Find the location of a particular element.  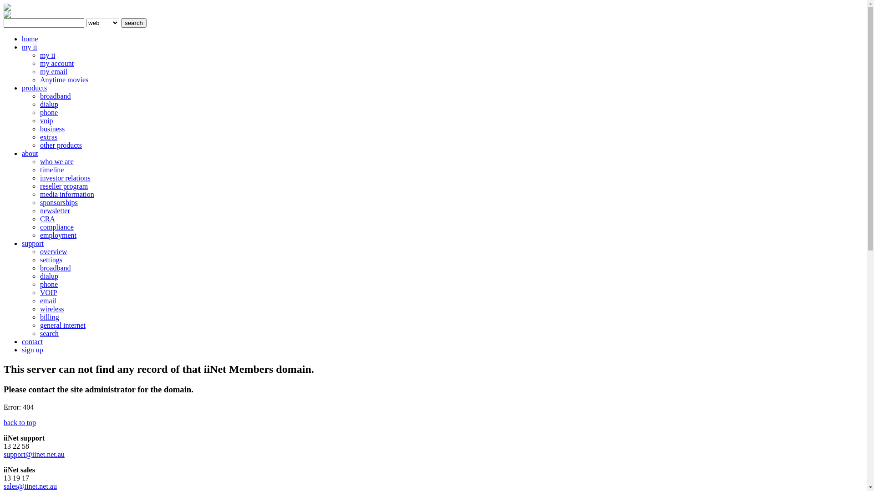

'newsletter' is located at coordinates (54, 210).